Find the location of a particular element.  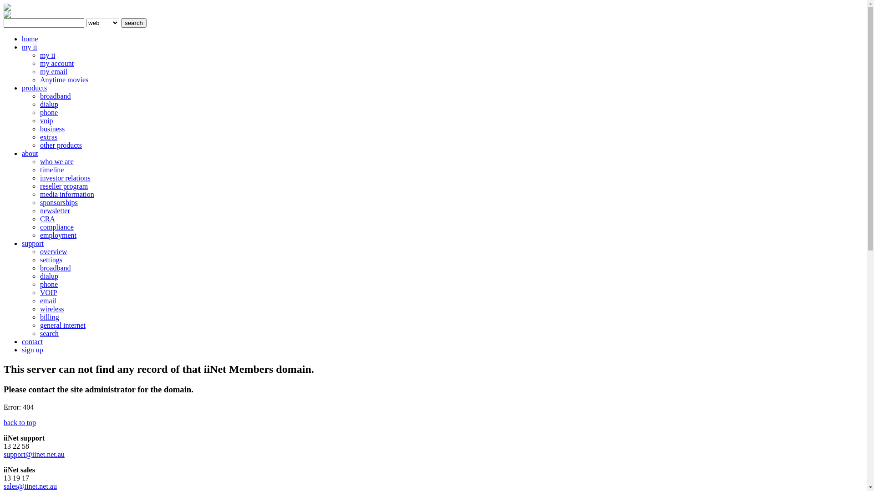

'newsletter' is located at coordinates (54, 210).